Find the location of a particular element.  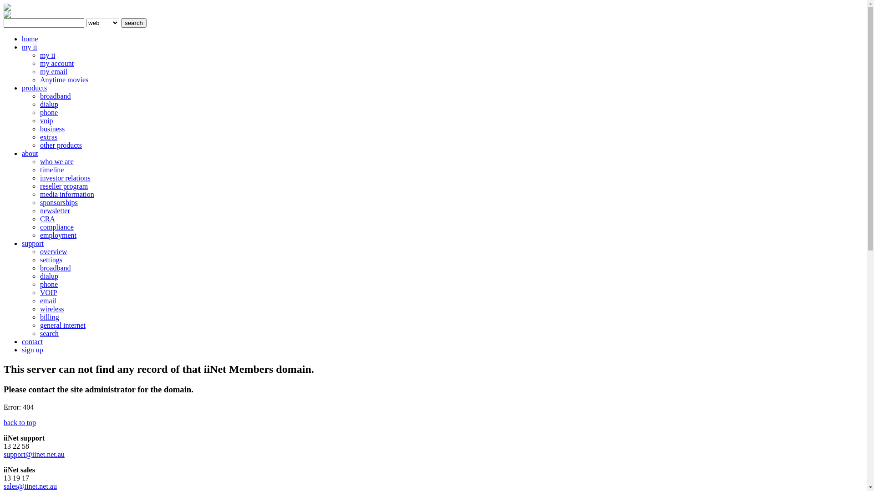

'newsletter' is located at coordinates (54, 210).